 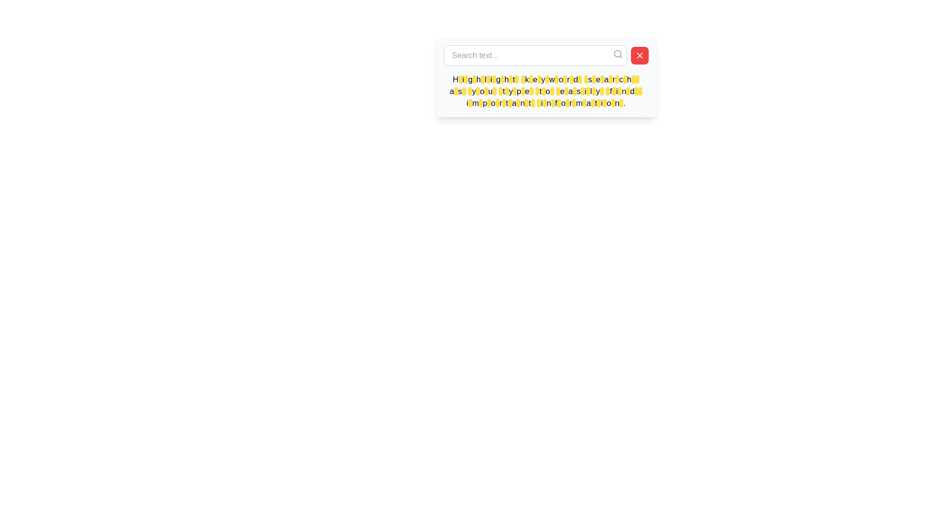 I want to click on the highlight box that emphasizes the part 'ant' in the word 'important' in the instructional text, which is the sixth highlighted element in the last line, so click(x=510, y=103).